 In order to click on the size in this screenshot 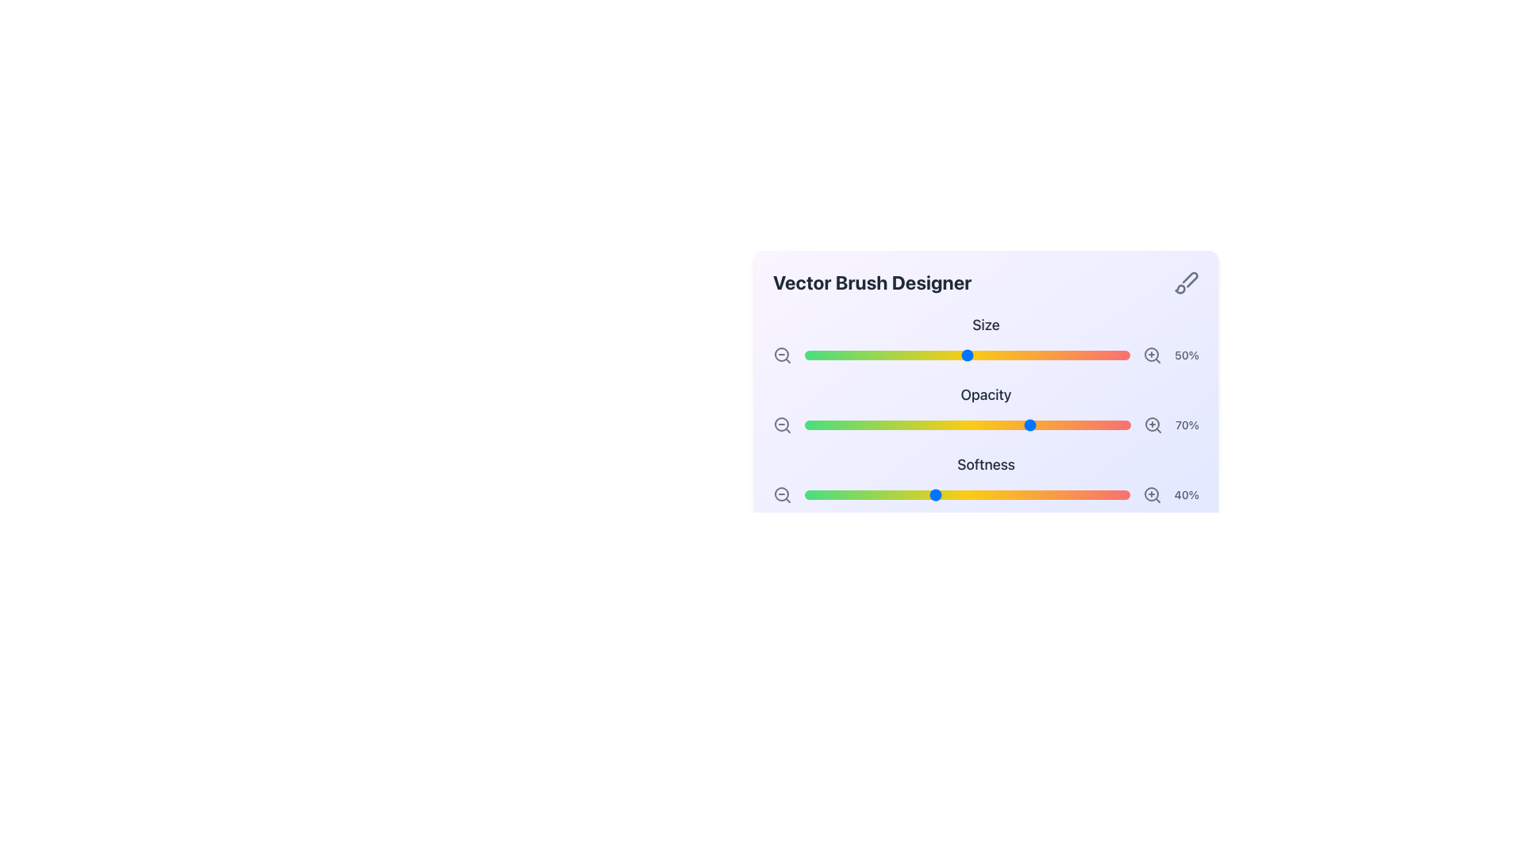, I will do `click(1052, 354)`.